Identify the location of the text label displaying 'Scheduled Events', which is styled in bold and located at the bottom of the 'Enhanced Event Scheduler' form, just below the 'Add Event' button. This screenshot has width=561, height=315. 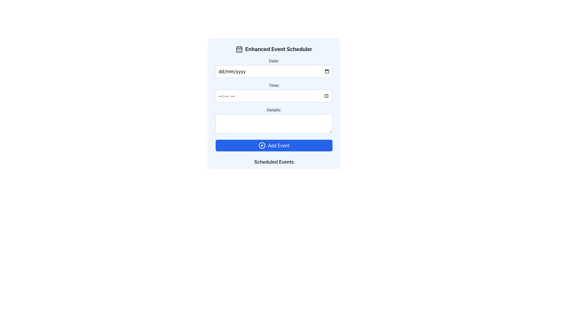
(273, 162).